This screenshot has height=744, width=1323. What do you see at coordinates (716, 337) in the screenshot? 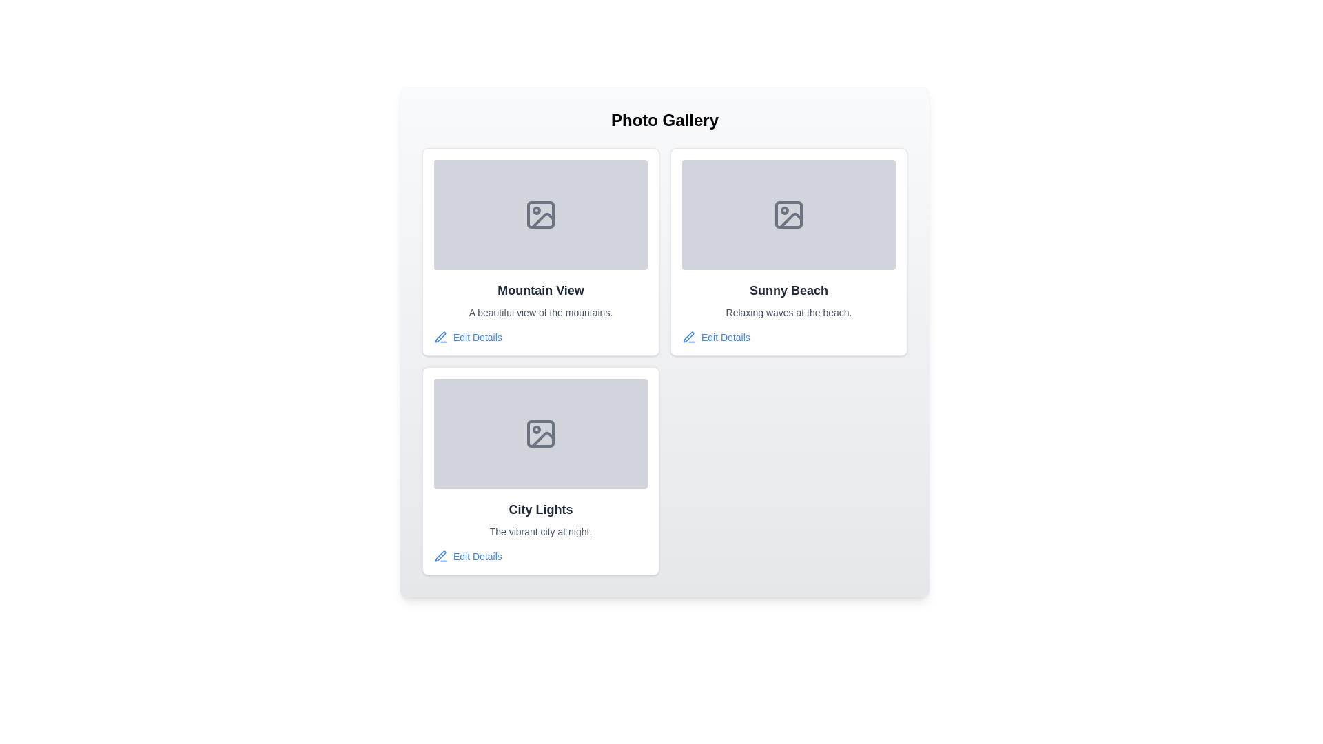
I see `the 'Edit Details' button for the item titled Sunny Beach` at bounding box center [716, 337].